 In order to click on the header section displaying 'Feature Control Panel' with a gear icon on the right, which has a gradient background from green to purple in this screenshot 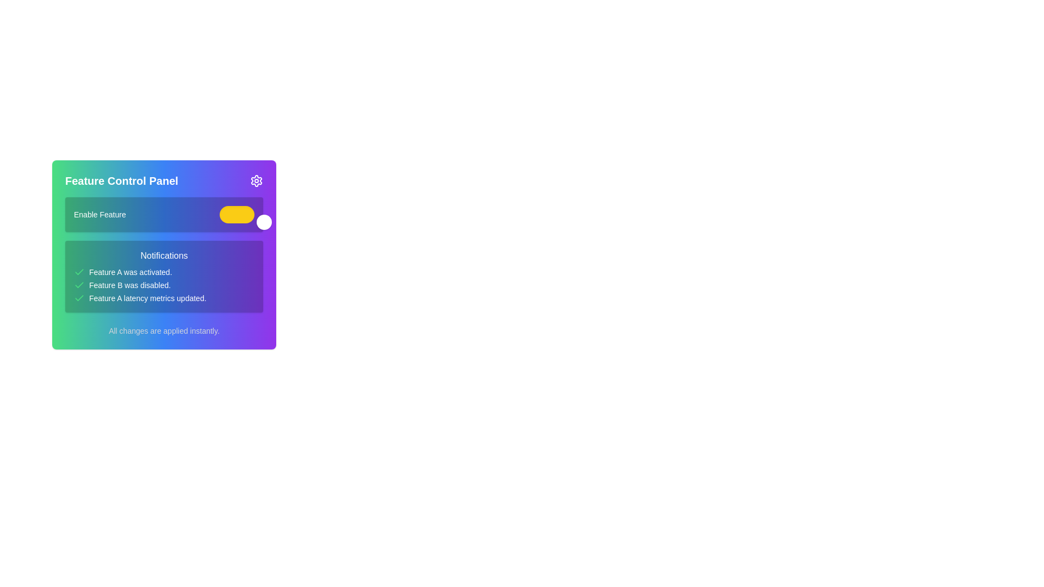, I will do `click(164, 180)`.